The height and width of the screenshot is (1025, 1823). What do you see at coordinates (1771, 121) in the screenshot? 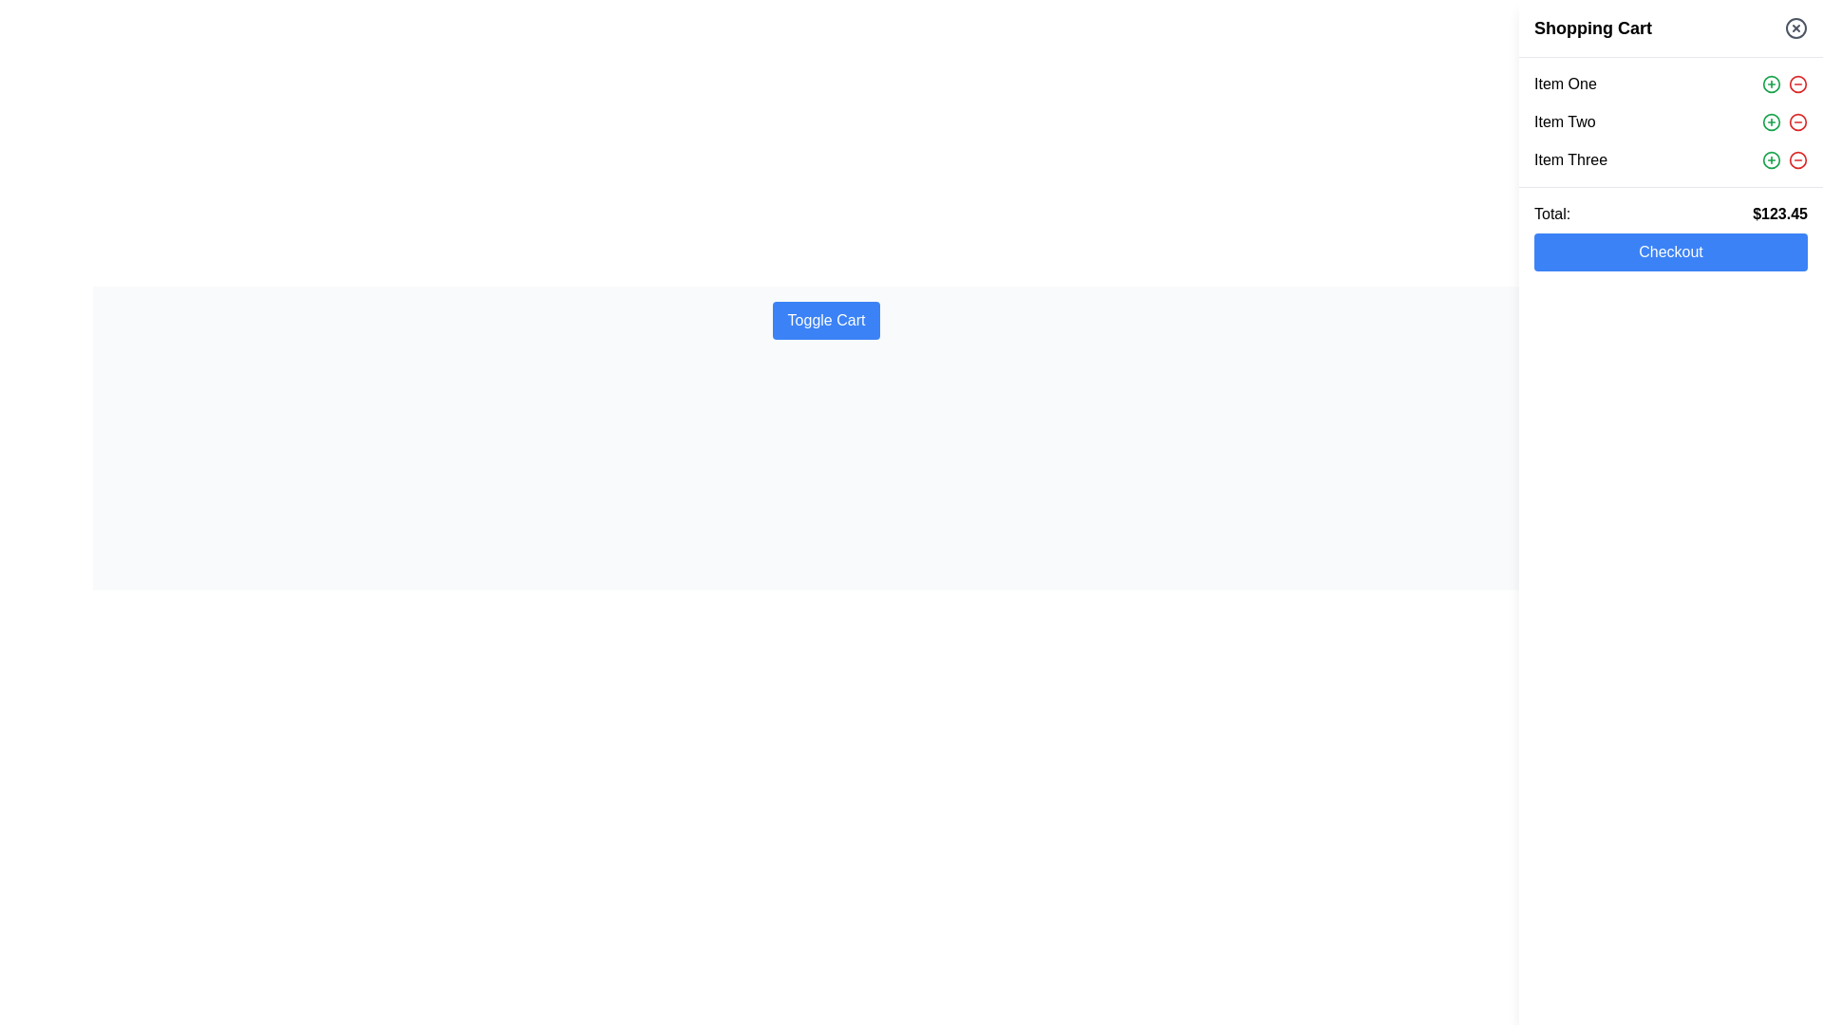
I see `the circular graphical element that serves as the background for the '+' symbol in the shopping cart interface, located next to 'Item Two'` at bounding box center [1771, 121].